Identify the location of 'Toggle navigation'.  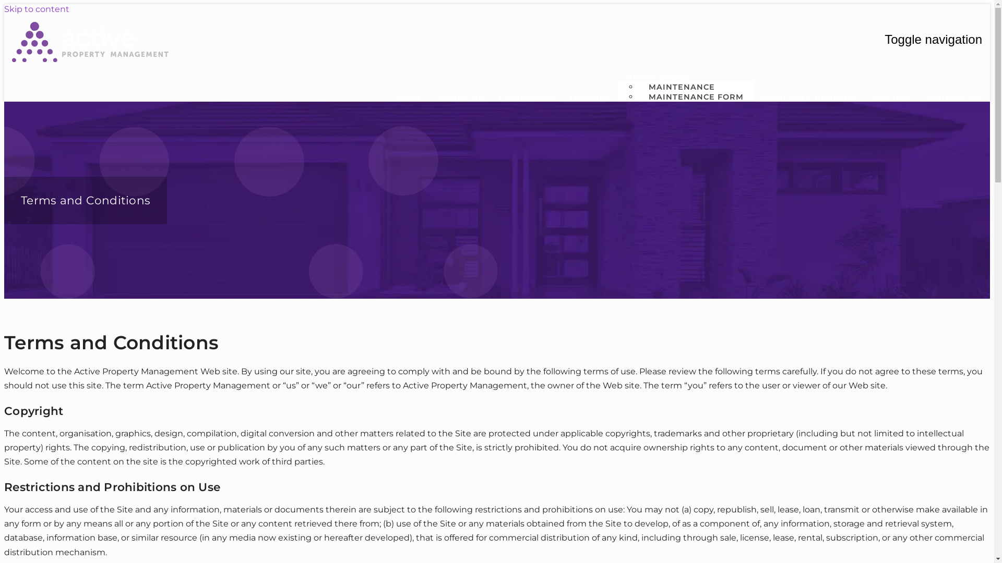
(933, 39).